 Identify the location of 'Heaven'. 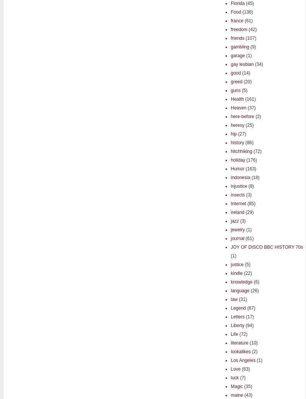
(238, 107).